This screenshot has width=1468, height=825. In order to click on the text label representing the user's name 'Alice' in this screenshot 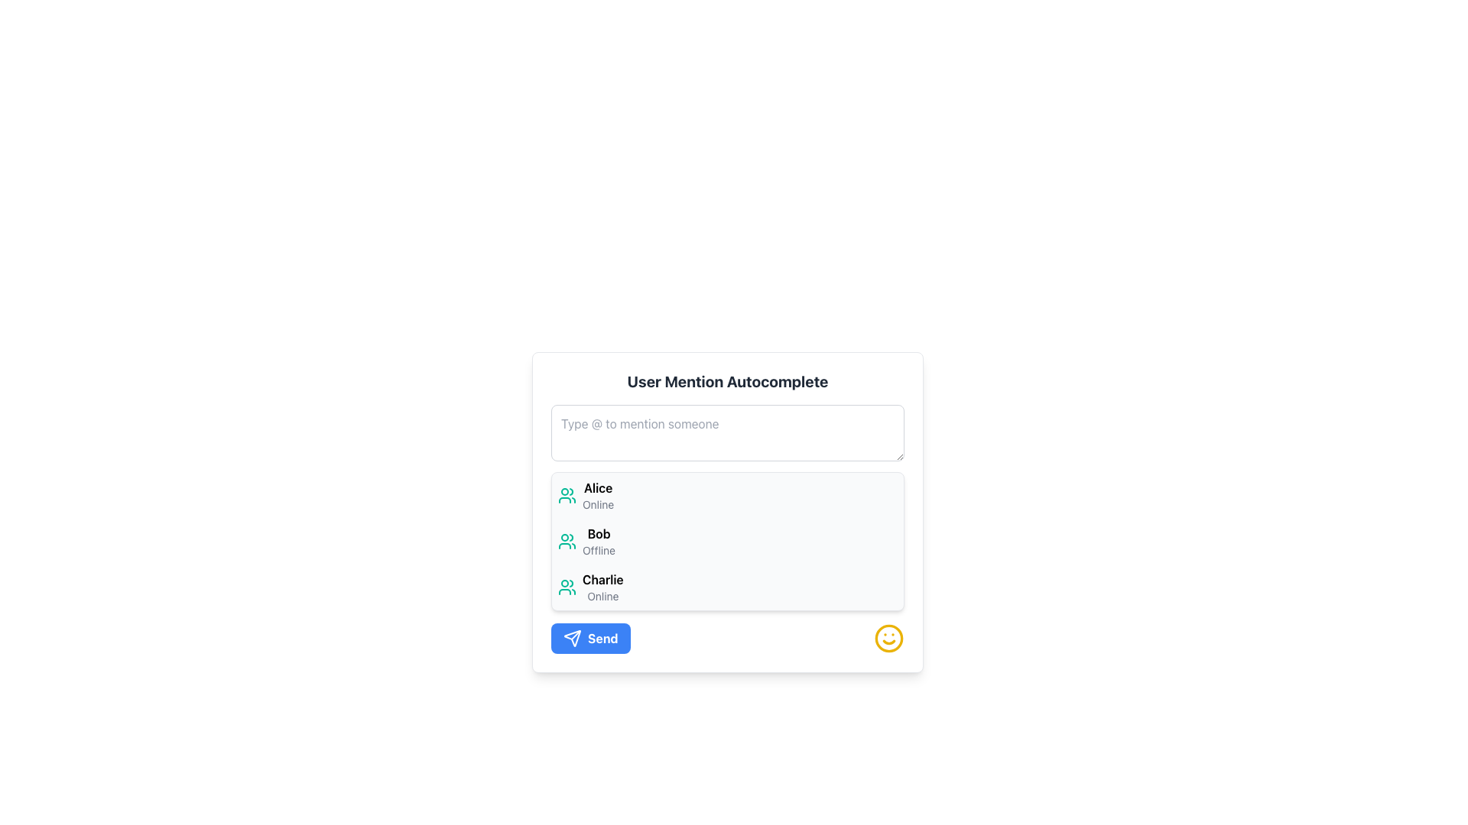, I will do `click(597, 488)`.